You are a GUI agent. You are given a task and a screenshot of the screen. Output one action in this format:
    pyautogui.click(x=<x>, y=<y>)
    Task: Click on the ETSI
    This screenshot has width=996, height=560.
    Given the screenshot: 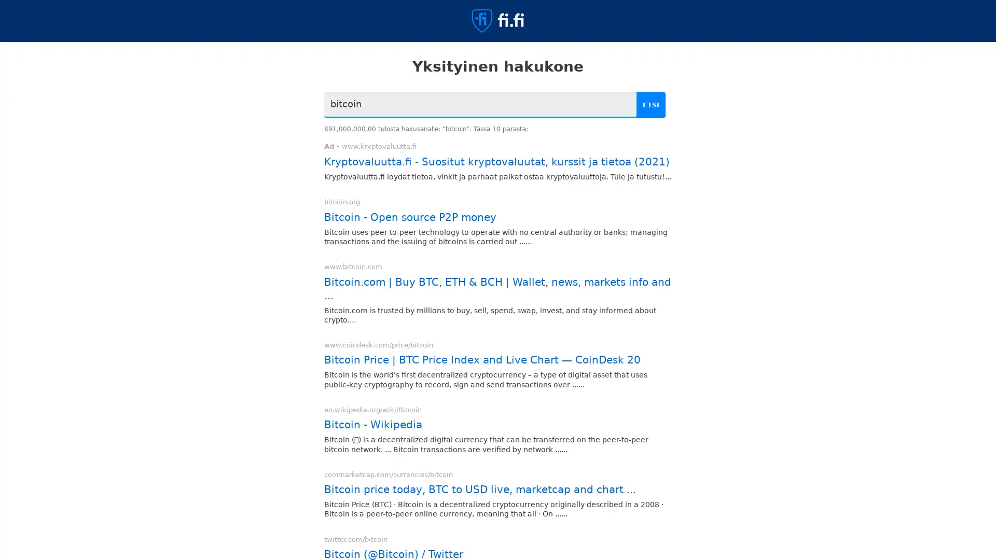 What is the action you would take?
    pyautogui.click(x=652, y=105)
    